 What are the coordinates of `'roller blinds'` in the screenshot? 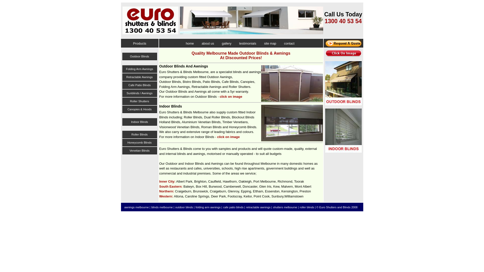 It's located at (307, 207).